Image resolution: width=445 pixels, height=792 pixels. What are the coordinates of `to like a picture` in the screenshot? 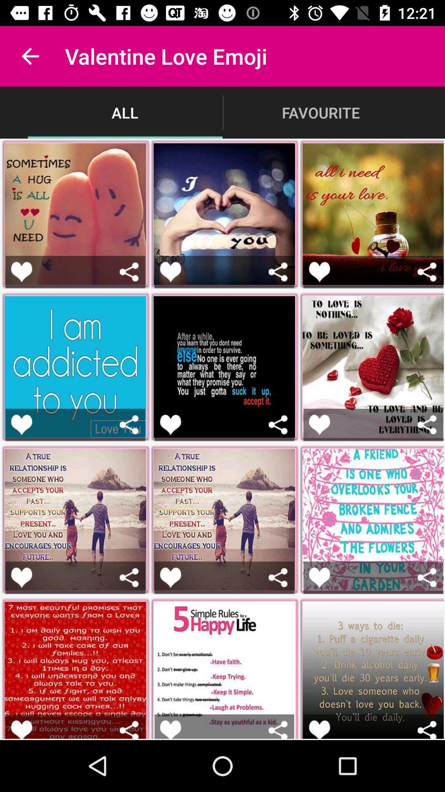 It's located at (170, 272).